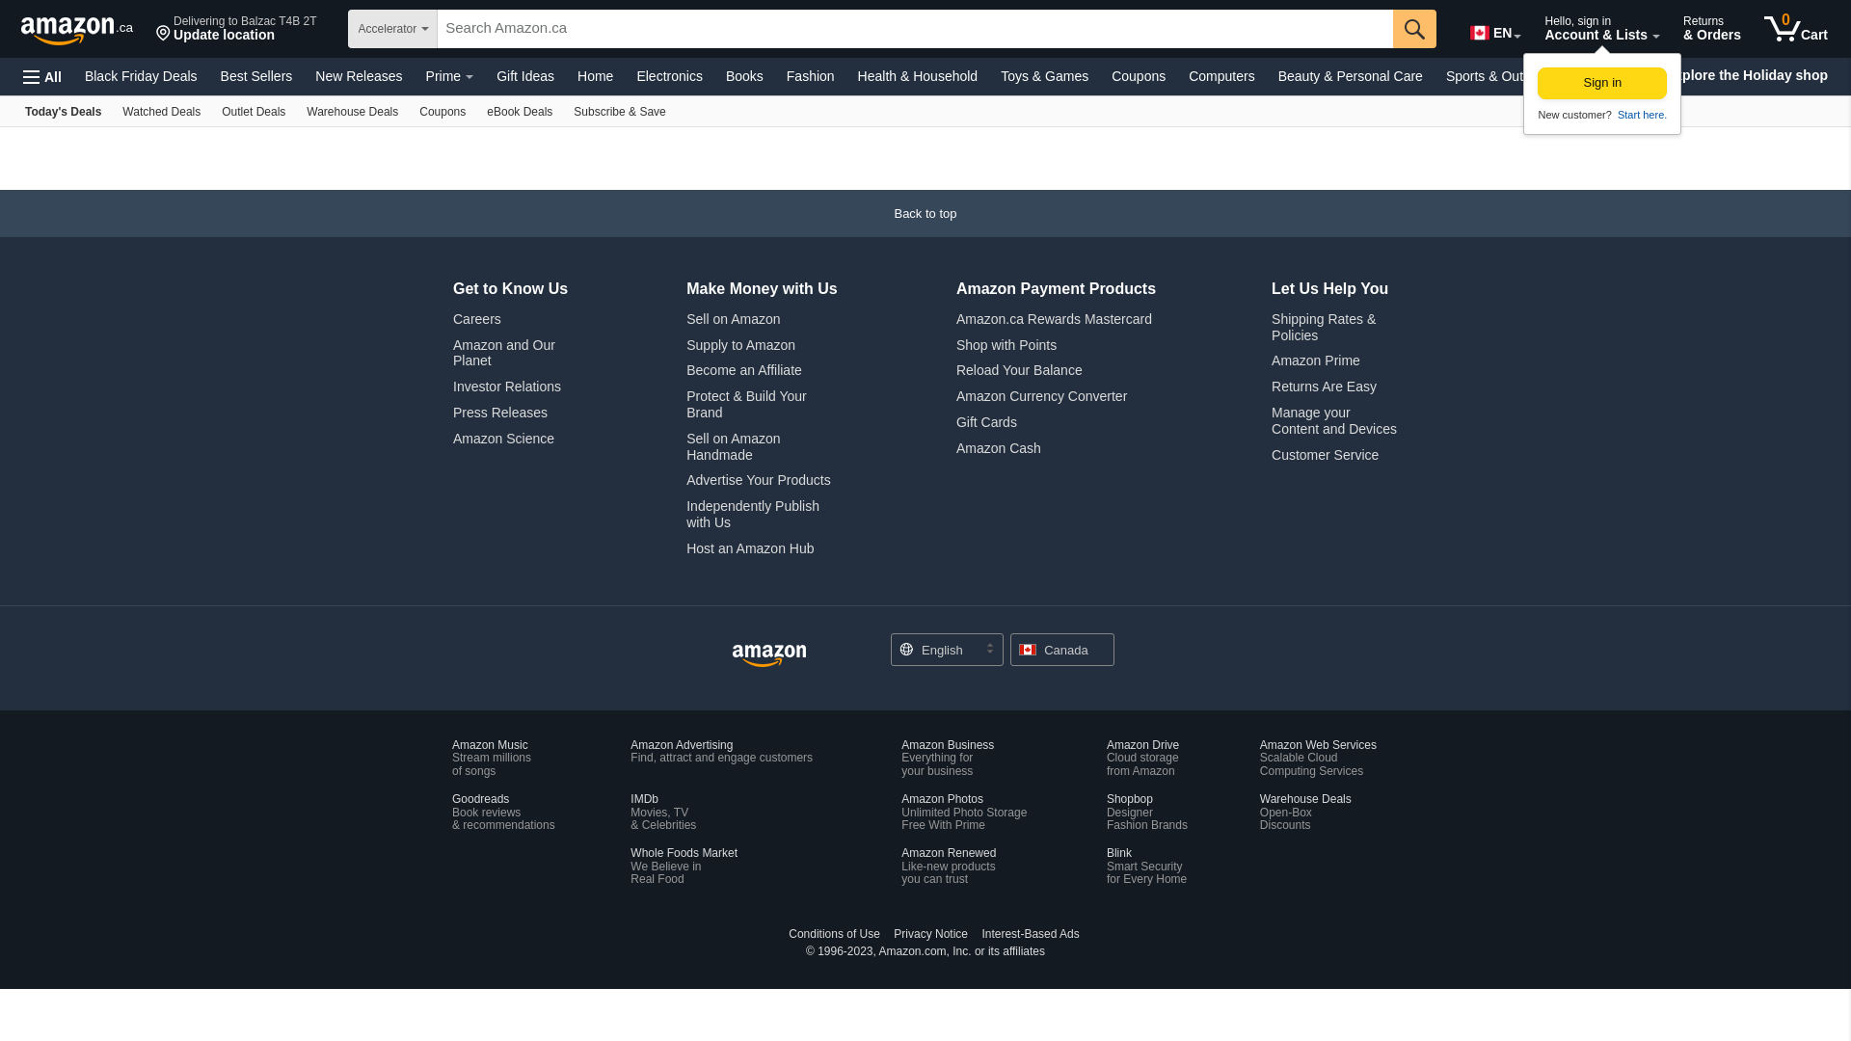 Image resolution: width=1851 pixels, height=1041 pixels. I want to click on 'Amazon Photos, so click(900, 812).